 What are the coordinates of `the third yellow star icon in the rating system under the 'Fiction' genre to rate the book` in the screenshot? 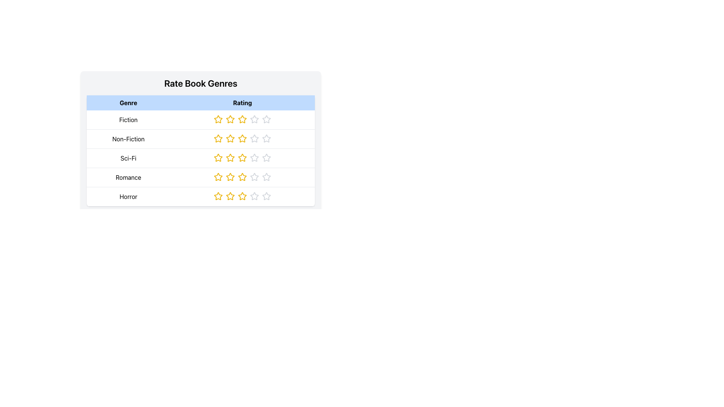 It's located at (242, 119).